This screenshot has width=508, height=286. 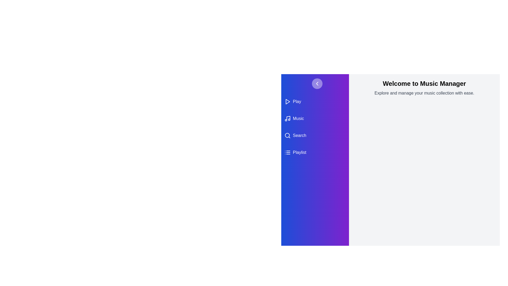 What do you see at coordinates (315, 118) in the screenshot?
I see `the 'Music' category in the drawer` at bounding box center [315, 118].